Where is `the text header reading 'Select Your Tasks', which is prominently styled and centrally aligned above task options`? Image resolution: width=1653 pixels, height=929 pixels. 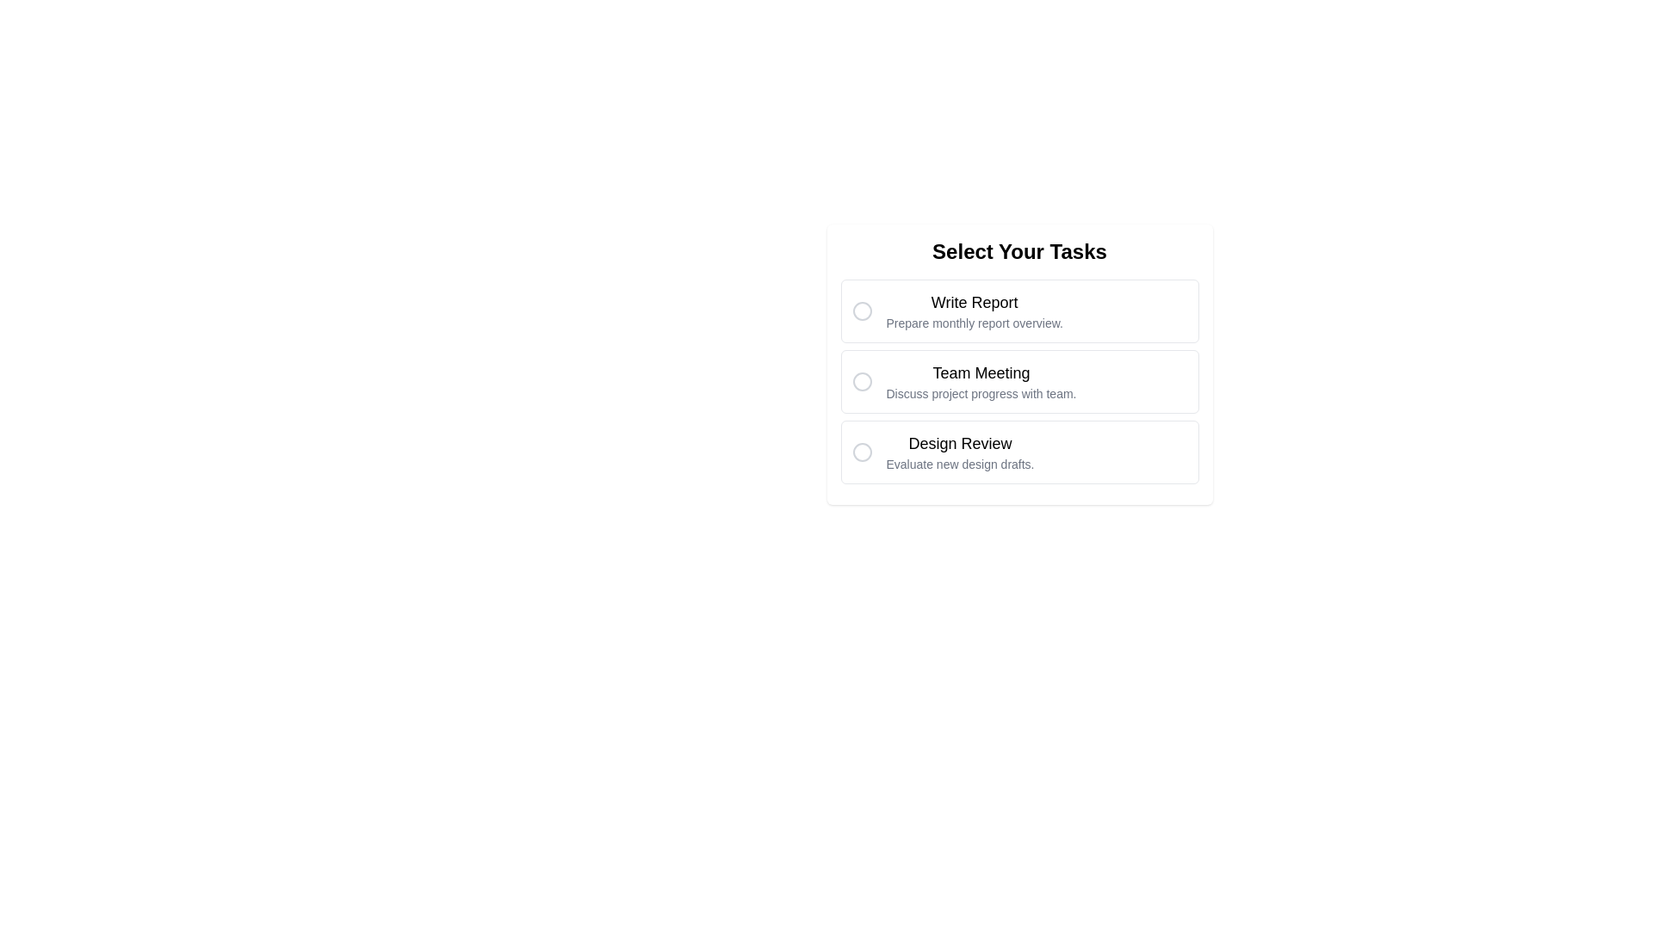
the text header reading 'Select Your Tasks', which is prominently styled and centrally aligned above task options is located at coordinates (1019, 252).